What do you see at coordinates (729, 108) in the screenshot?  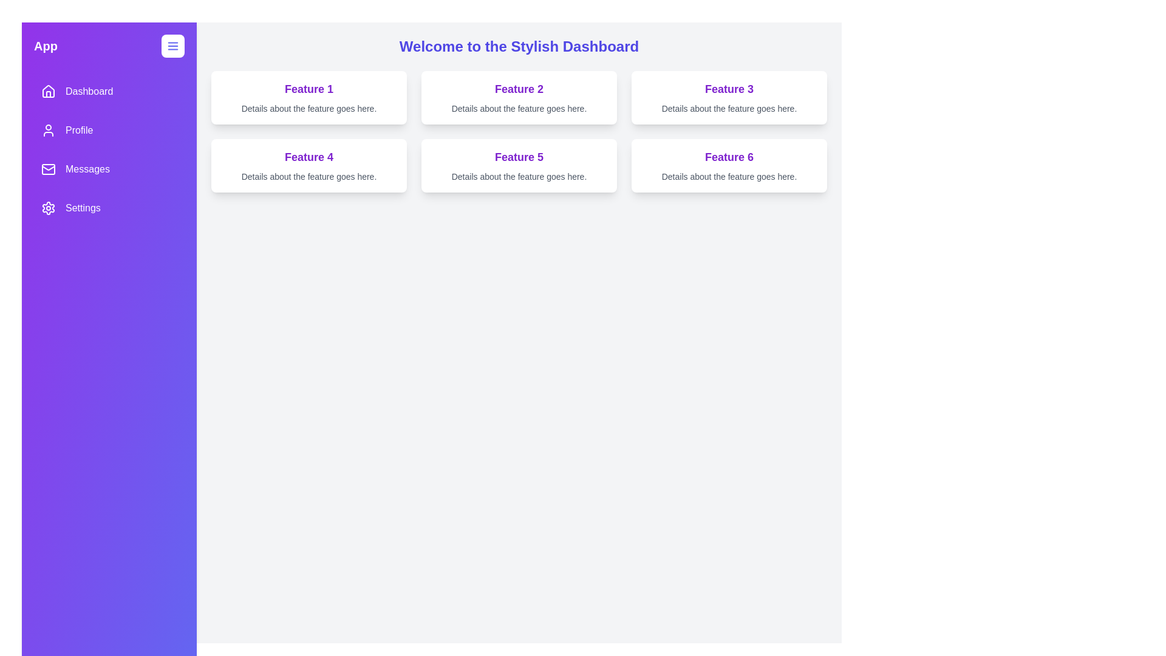 I see `the text element that reads 'Details about the feature goes here.' positioned below the heading 'Feature 3'` at bounding box center [729, 108].